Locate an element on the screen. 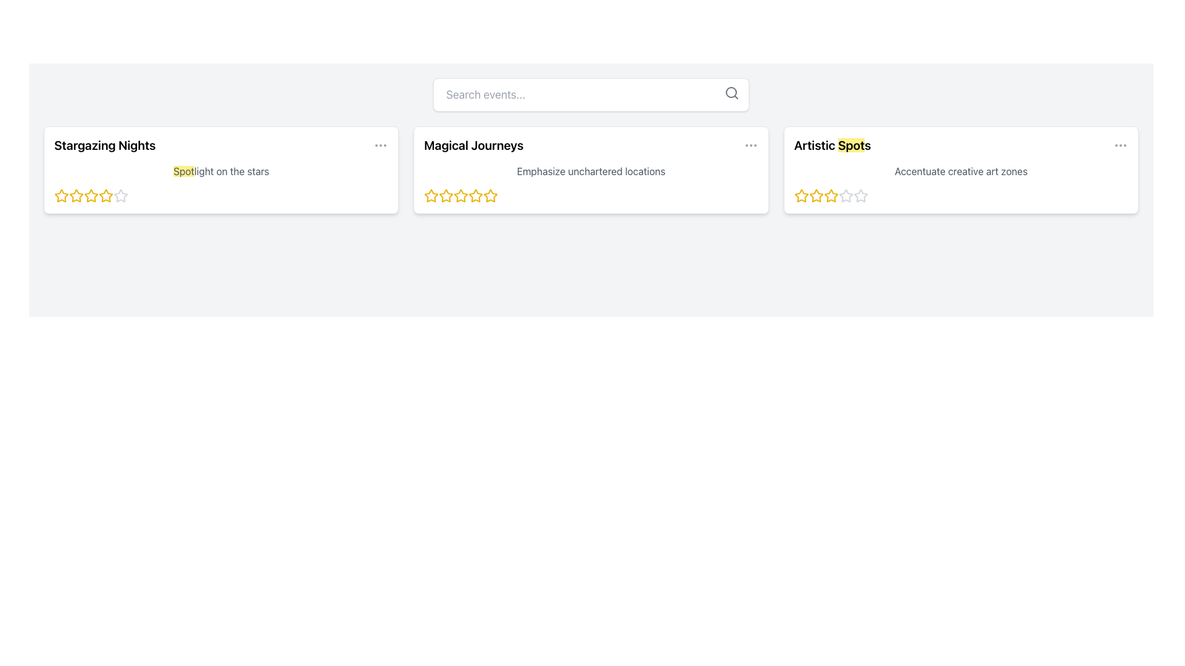  the fifth yellow star-shaped Rating Star Icon located below the title 'Magical Journeys' is located at coordinates (475, 195).